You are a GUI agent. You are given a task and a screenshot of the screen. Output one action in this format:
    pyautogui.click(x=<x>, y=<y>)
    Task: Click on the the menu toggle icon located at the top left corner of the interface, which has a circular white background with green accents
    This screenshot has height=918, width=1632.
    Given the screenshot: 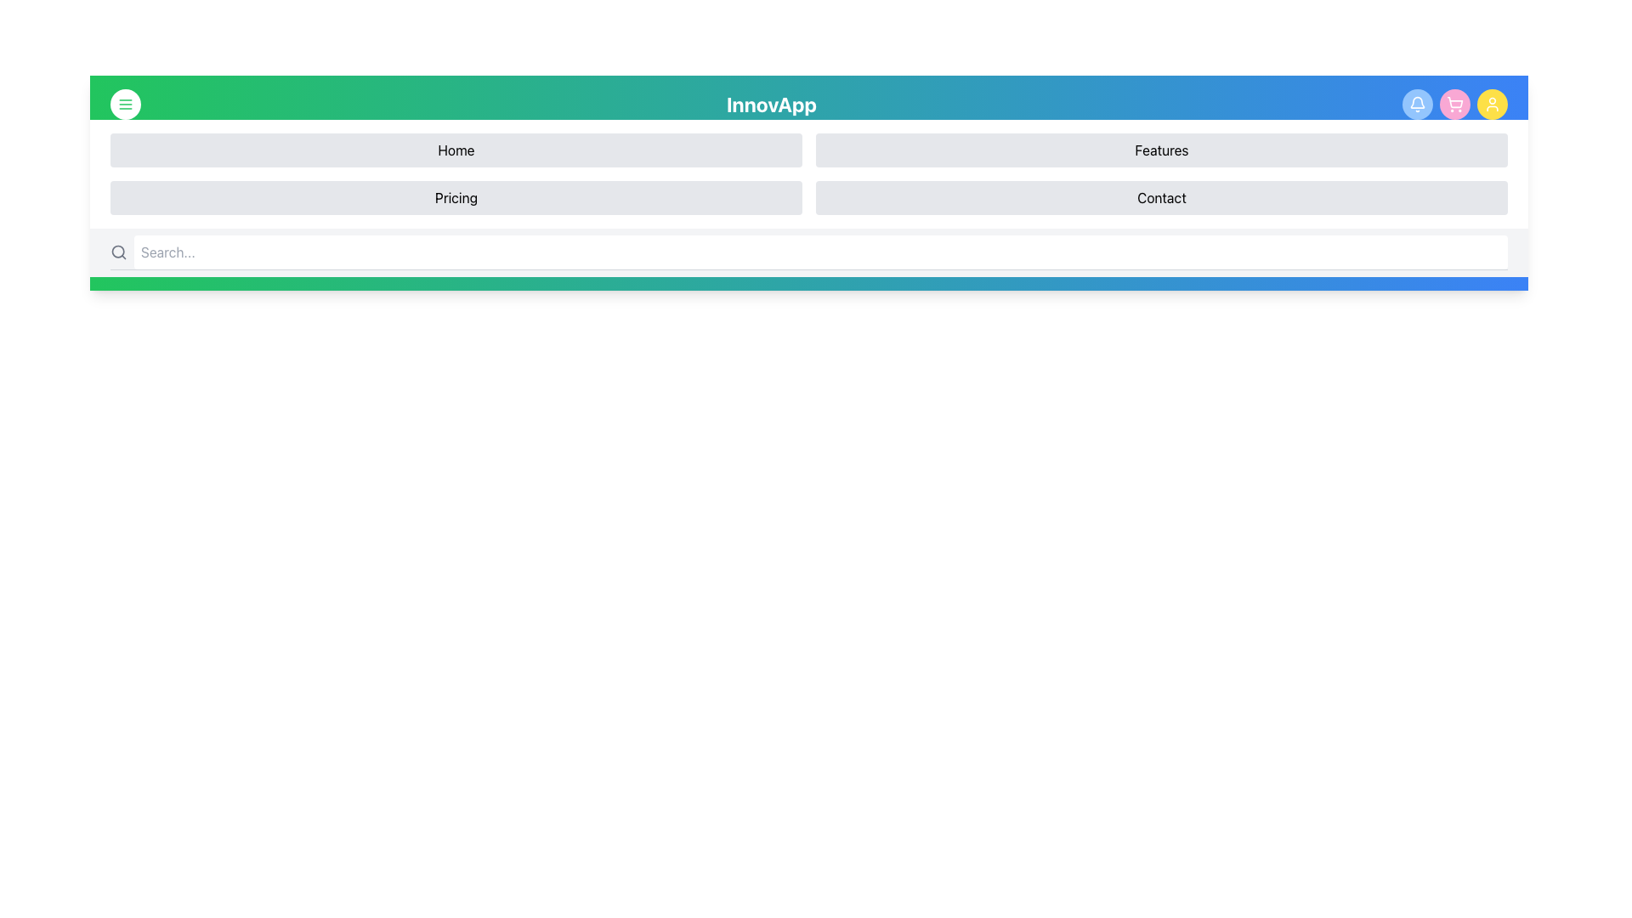 What is the action you would take?
    pyautogui.click(x=125, y=105)
    